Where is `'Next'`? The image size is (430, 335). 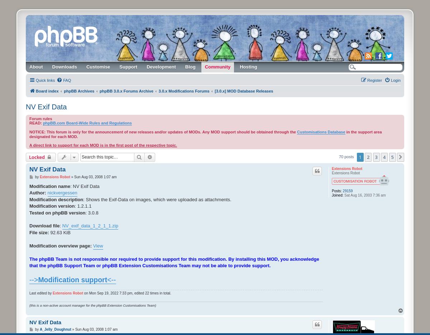 'Next' is located at coordinates (410, 157).